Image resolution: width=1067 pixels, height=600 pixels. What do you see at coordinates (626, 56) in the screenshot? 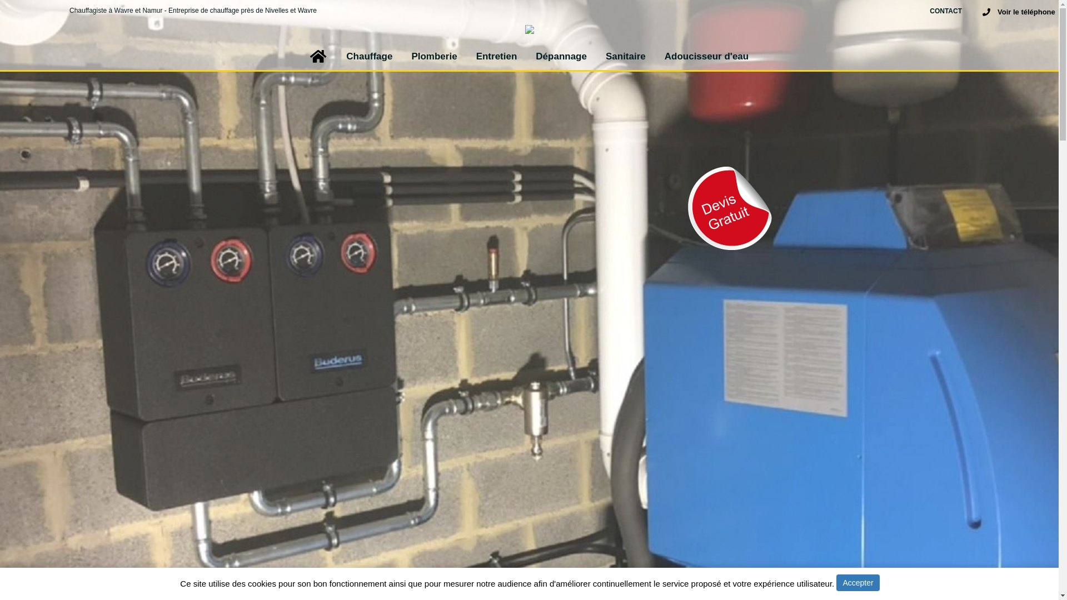
I see `'Sanitaire'` at bounding box center [626, 56].